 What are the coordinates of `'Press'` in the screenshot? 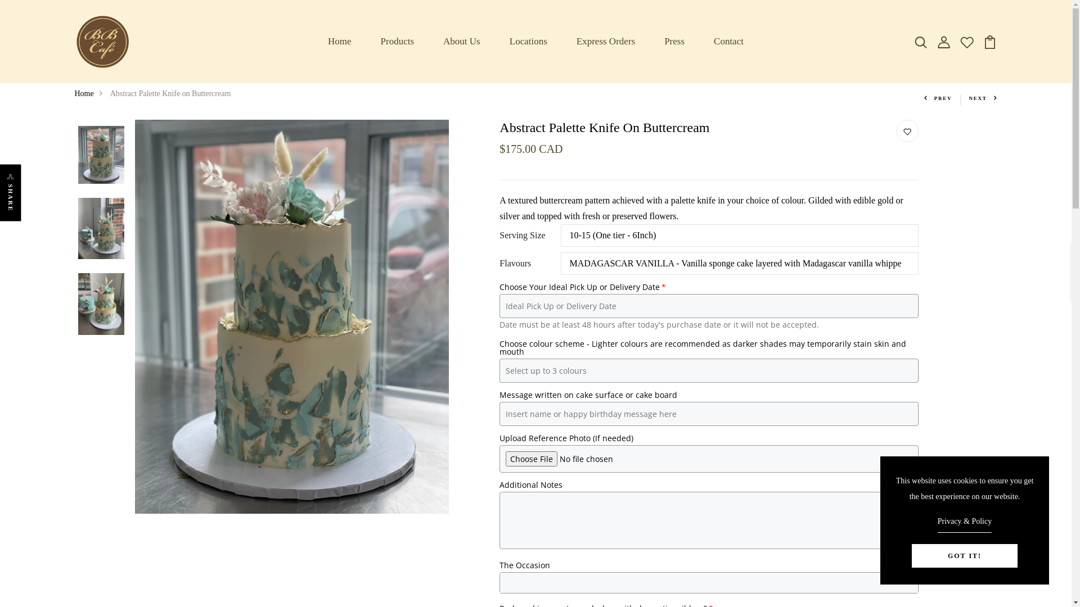 It's located at (674, 40).